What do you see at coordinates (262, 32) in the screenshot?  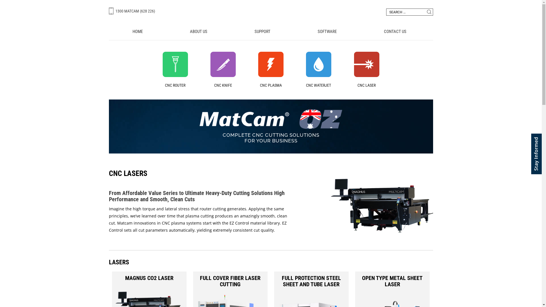 I see `'SUPPORT'` at bounding box center [262, 32].